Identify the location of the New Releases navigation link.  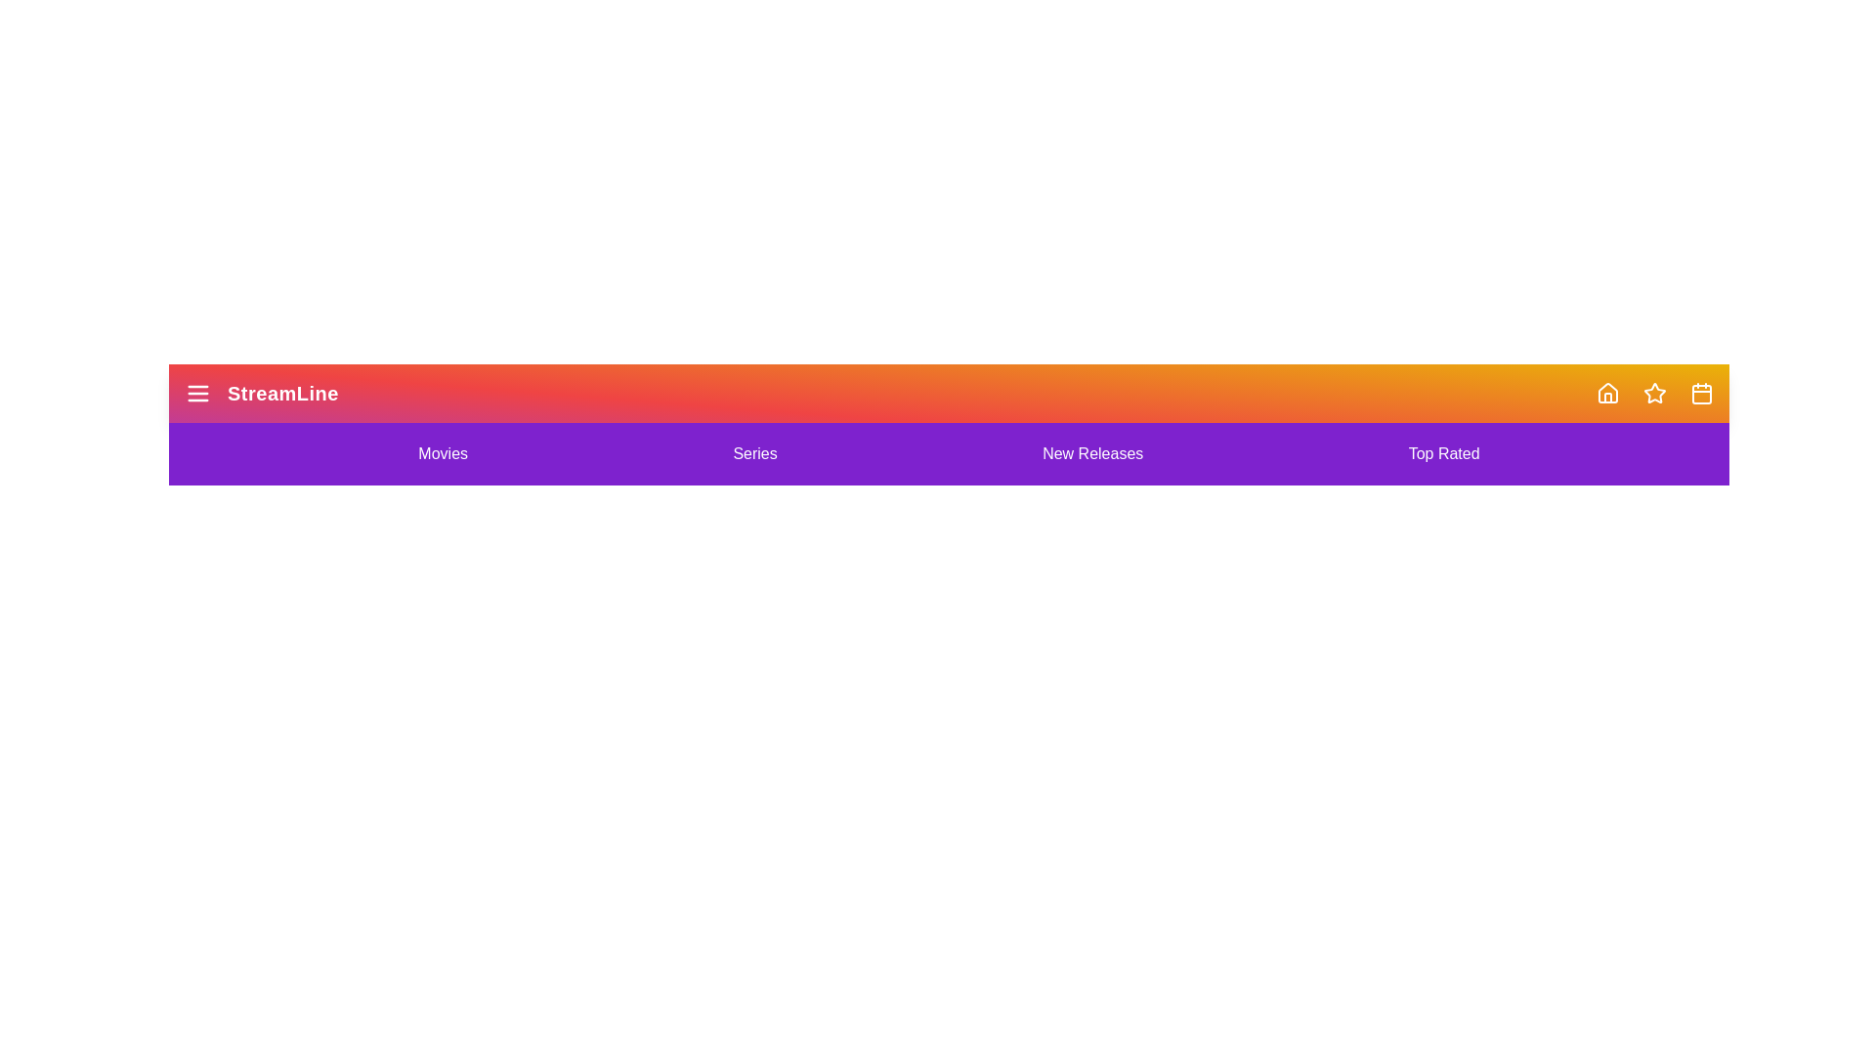
(1091, 454).